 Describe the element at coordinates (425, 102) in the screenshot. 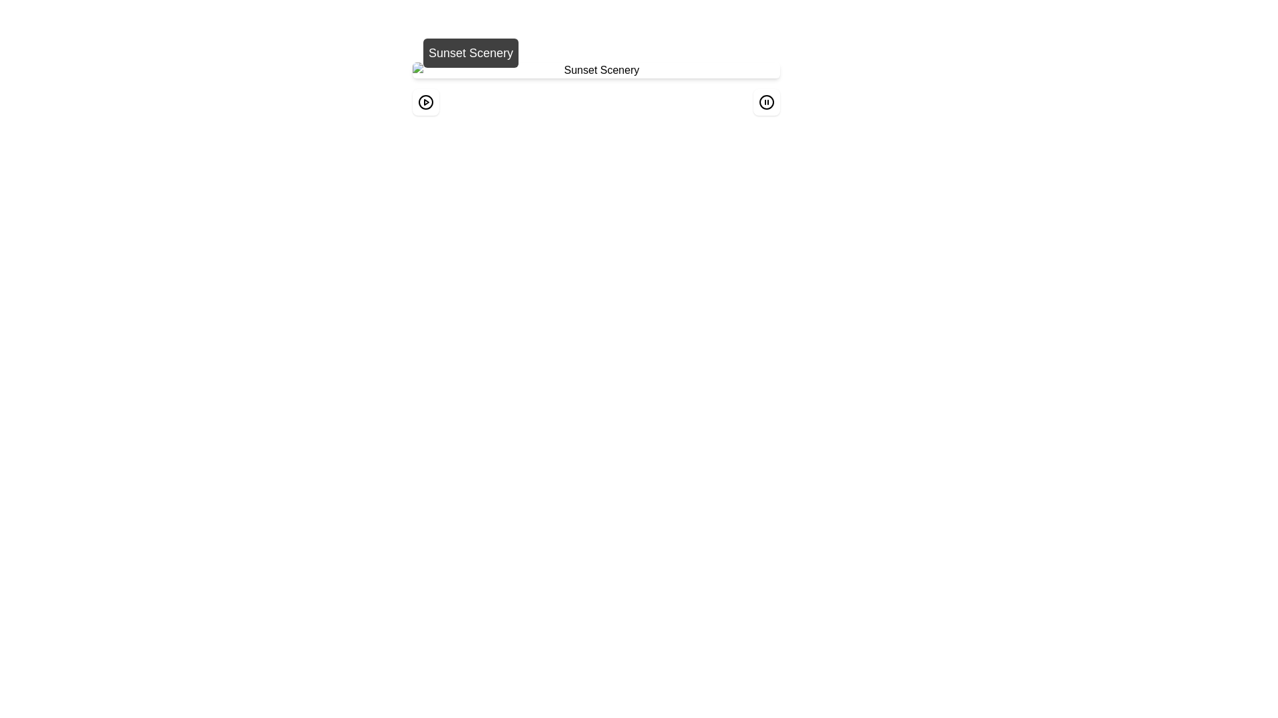

I see `the circular play icon button located below the label 'Sunset Scenery', which features a right-pointing play symbol` at that location.